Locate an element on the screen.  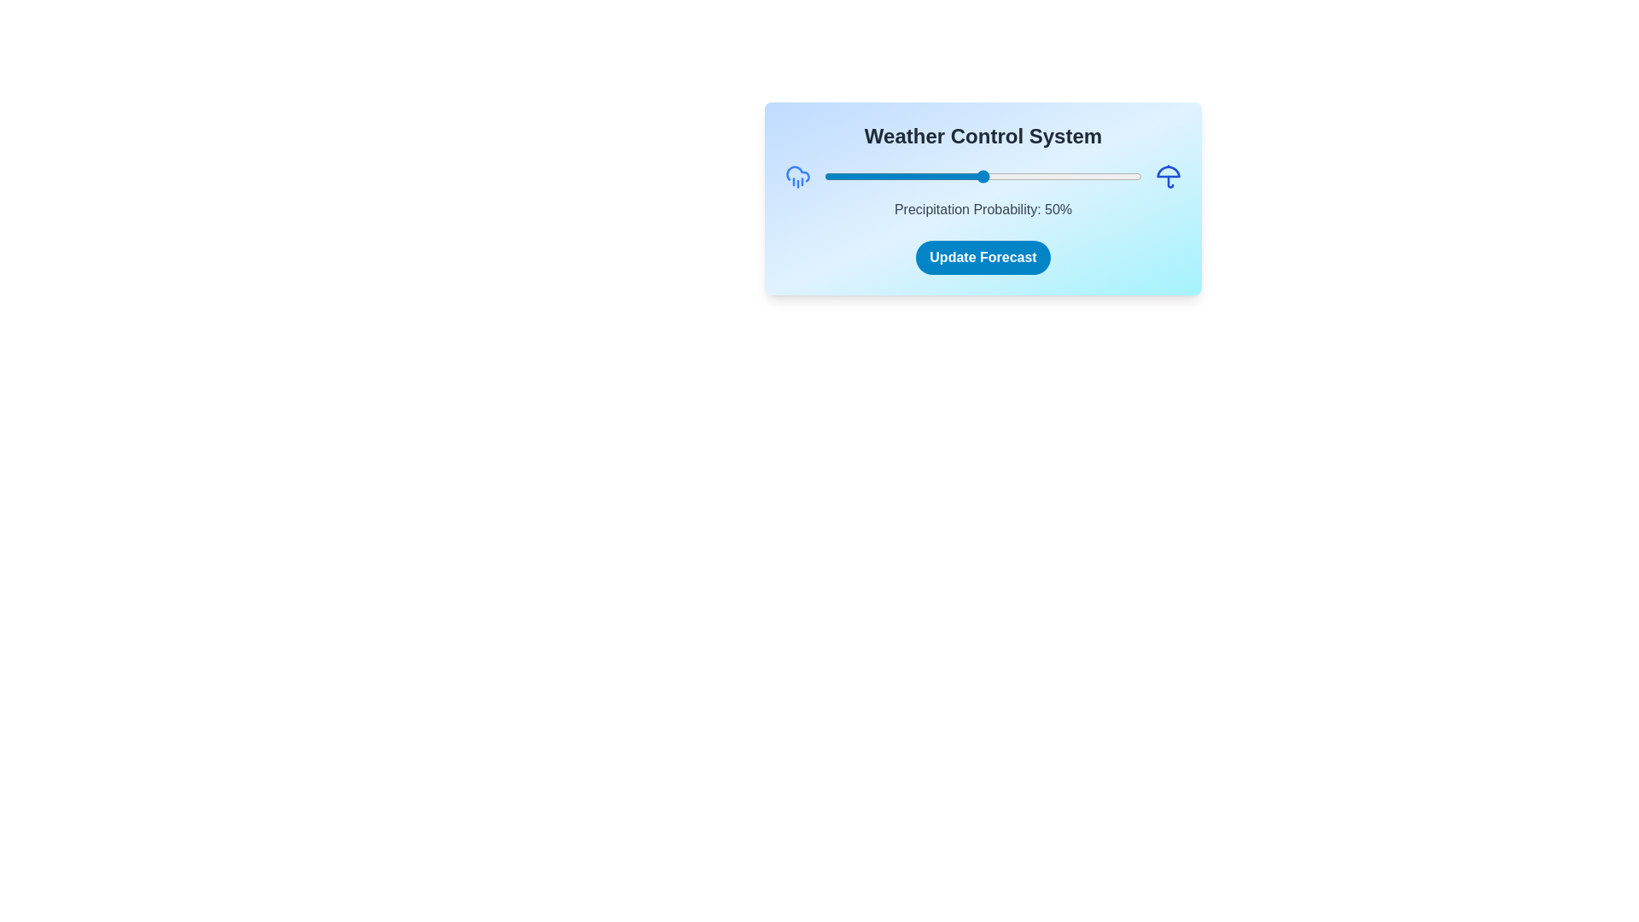
the precipitation probability slider to 80% is located at coordinates (1077, 177).